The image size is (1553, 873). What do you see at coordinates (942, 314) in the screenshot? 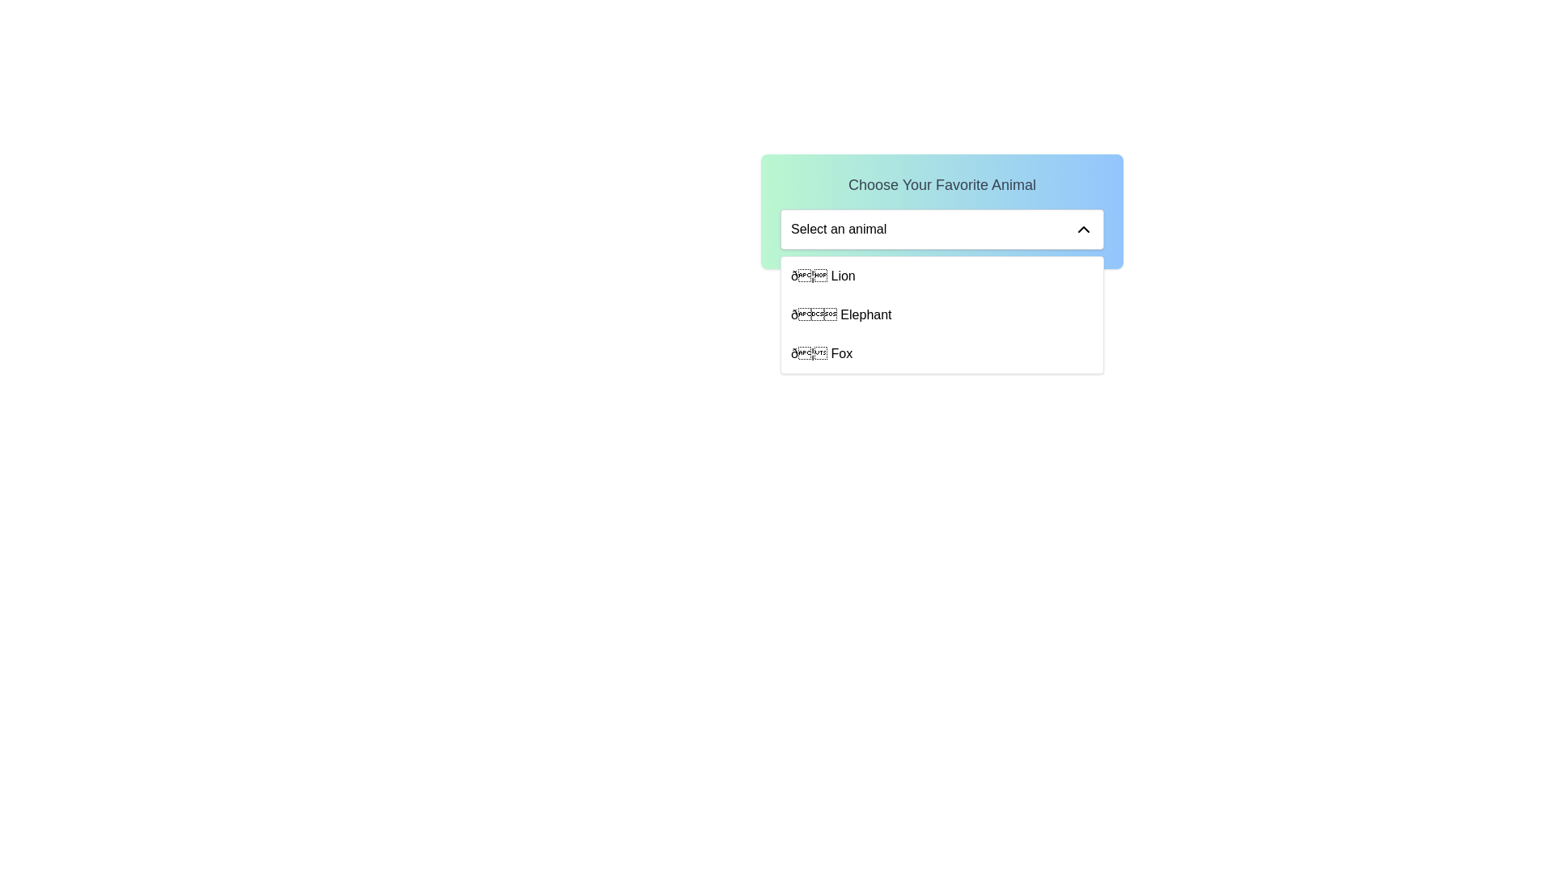
I see `the dropdown menu item labeled '🐘 Elephant'` at bounding box center [942, 314].